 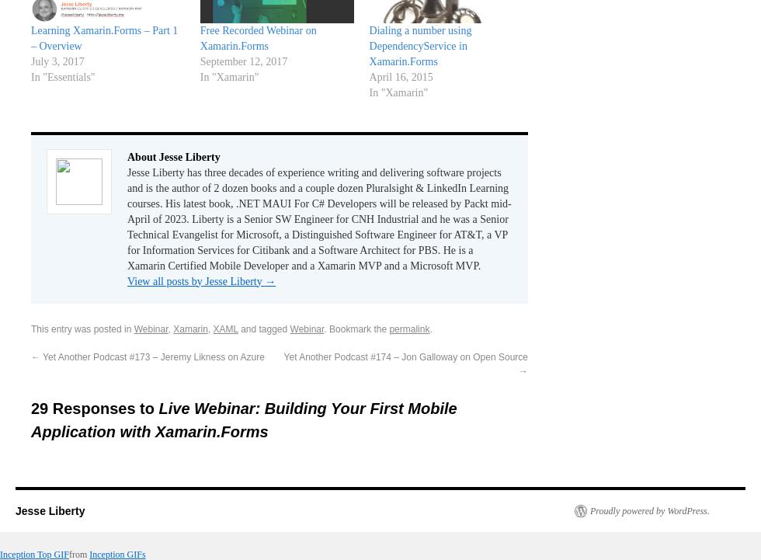 I want to click on 'Yet Another Podcast #173 – Jeremy Likness on Azure', so click(x=152, y=356).